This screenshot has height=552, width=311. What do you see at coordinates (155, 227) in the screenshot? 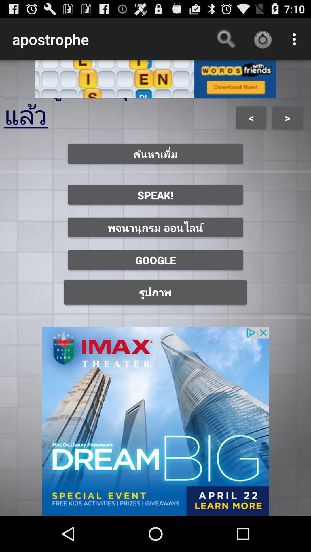
I see `the option below speak` at bounding box center [155, 227].